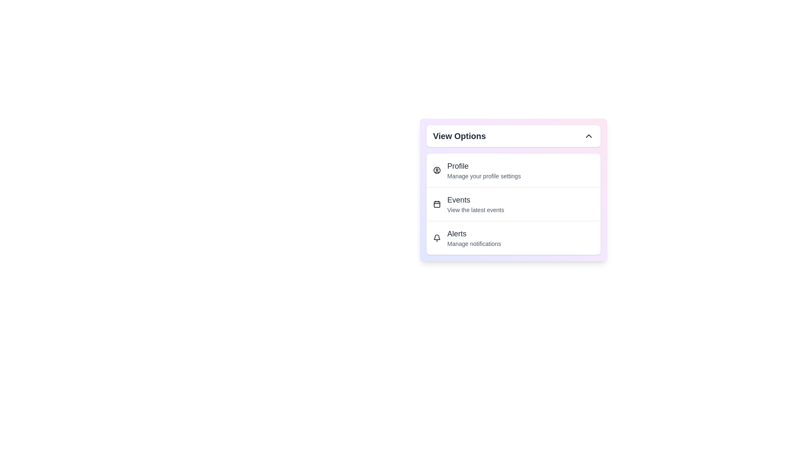 The width and height of the screenshot is (803, 451). I want to click on the button labeled Events to observe visual changes, so click(513, 204).